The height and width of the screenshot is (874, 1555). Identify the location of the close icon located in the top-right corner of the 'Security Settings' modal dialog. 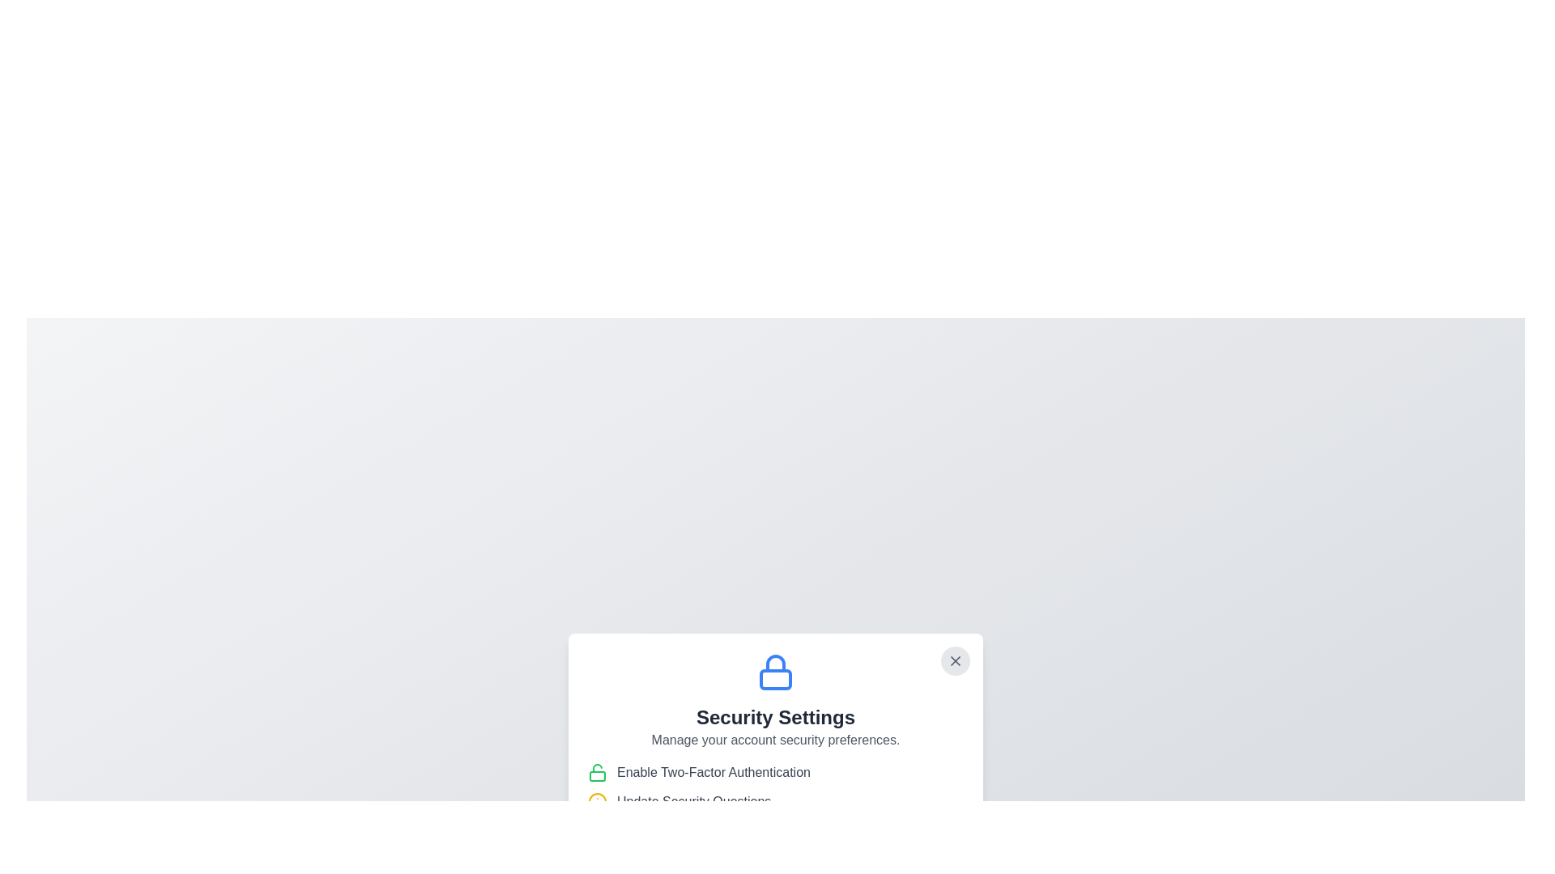
(956, 661).